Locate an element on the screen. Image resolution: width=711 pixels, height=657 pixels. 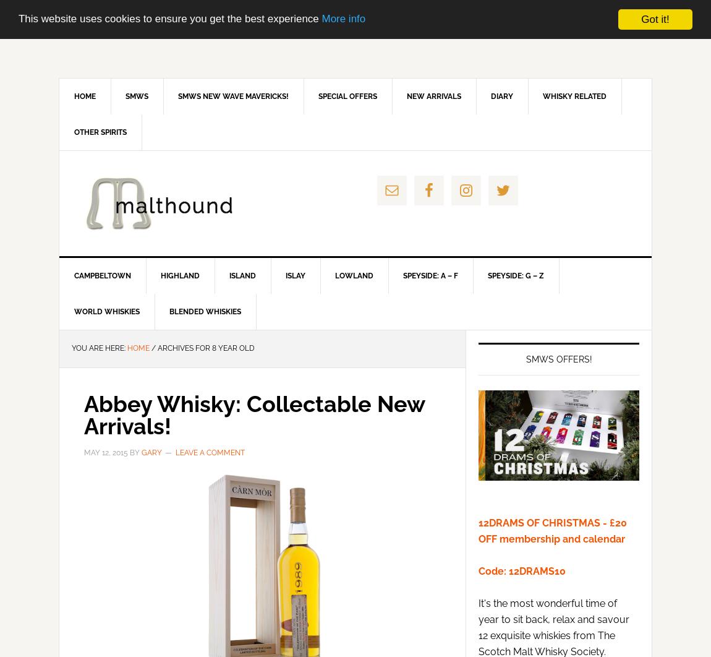
'Speyside: G – Z' is located at coordinates (515, 275).